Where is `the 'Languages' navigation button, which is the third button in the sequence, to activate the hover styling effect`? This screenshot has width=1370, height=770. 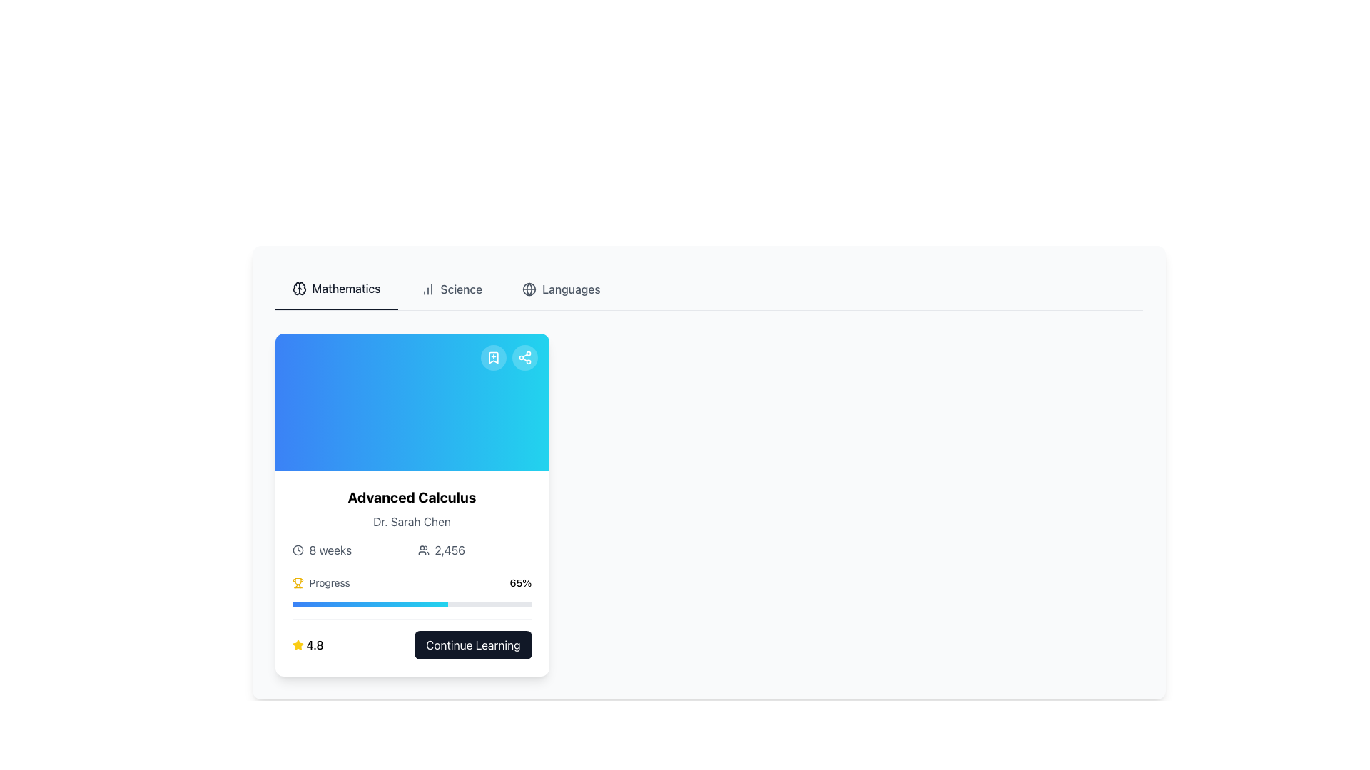
the 'Languages' navigation button, which is the third button in the sequence, to activate the hover styling effect is located at coordinates (561, 289).